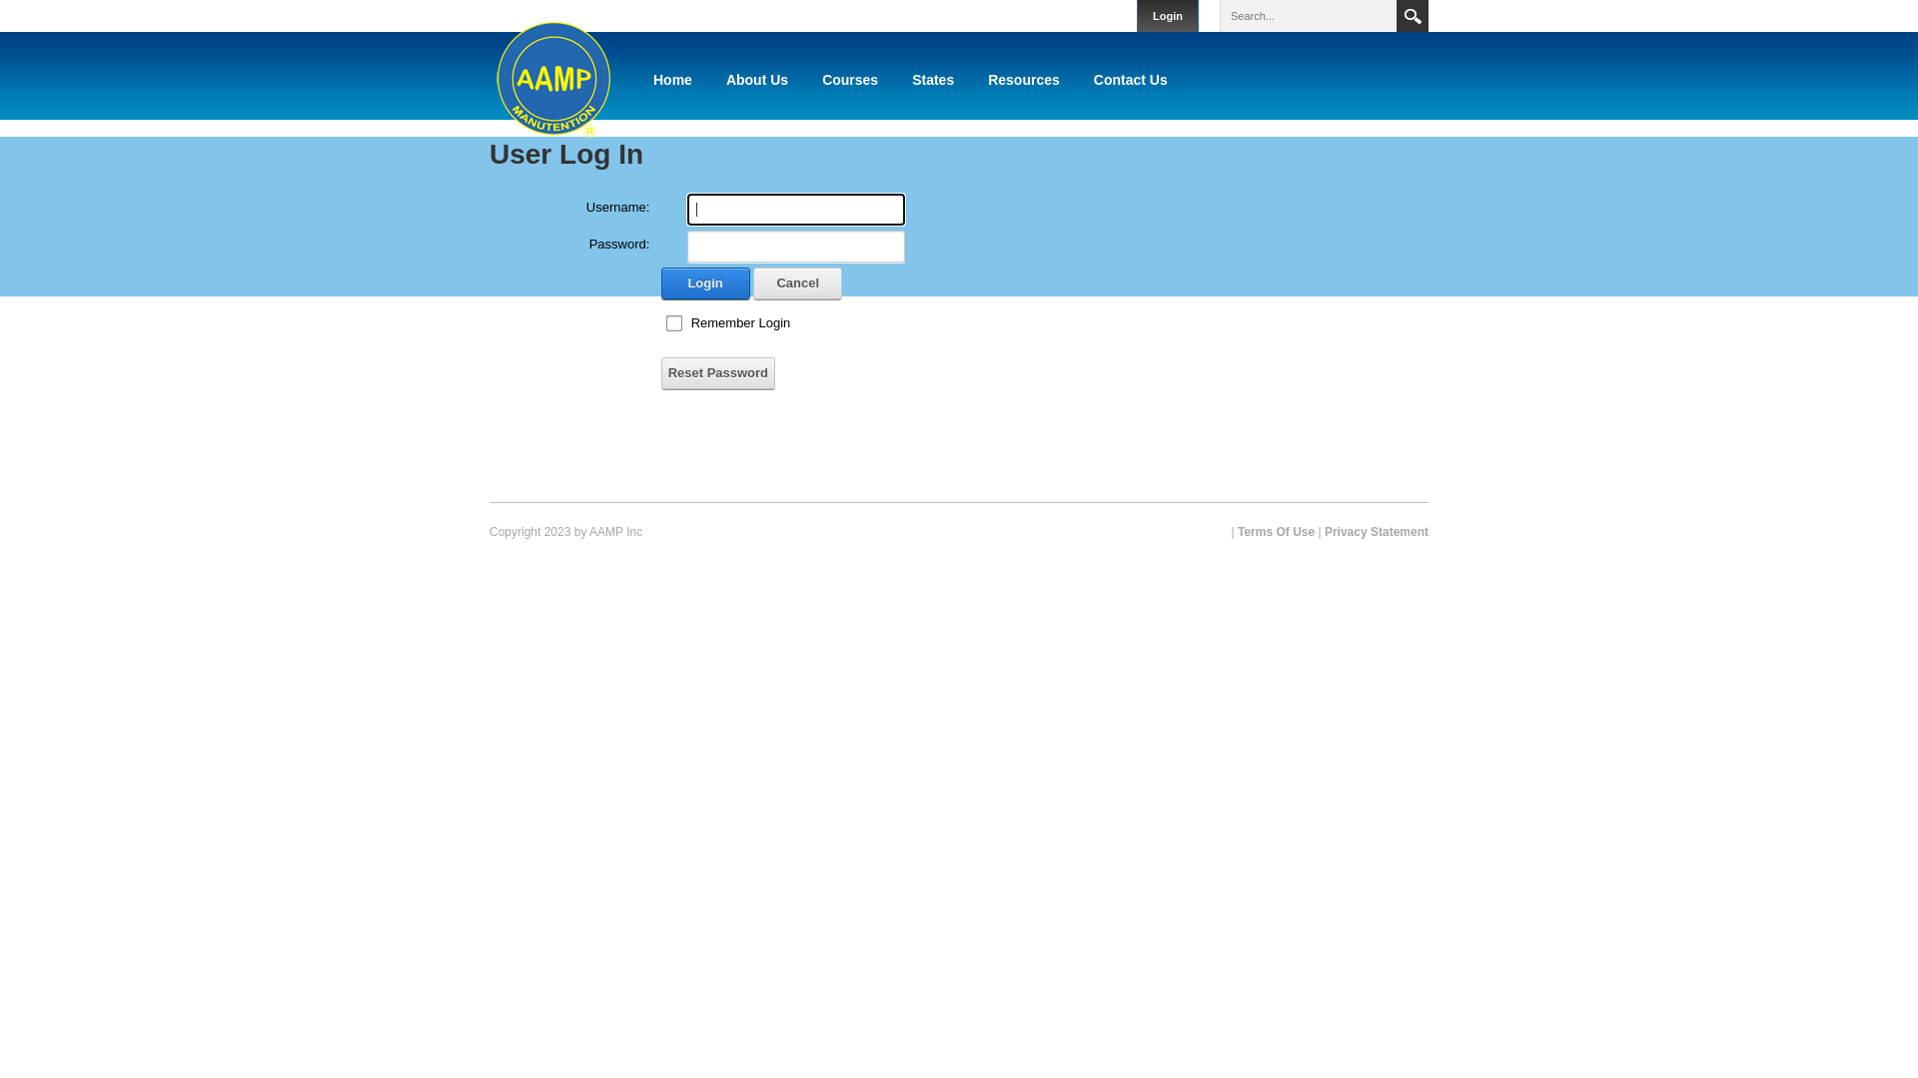 Image resolution: width=1918 pixels, height=1078 pixels. Describe the element at coordinates (661, 373) in the screenshot. I see `'Reset Password'` at that location.